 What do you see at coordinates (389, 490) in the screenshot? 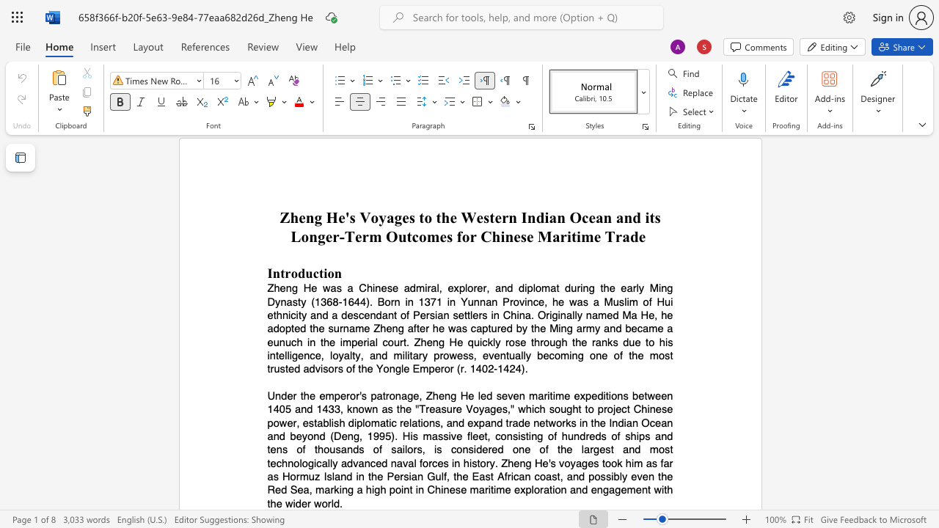
I see `the subset text "point in Chinese maritime expl" within the text "the Red Sea, marking a high point in Chinese maritime exploration and engagement with the wider world."` at bounding box center [389, 490].